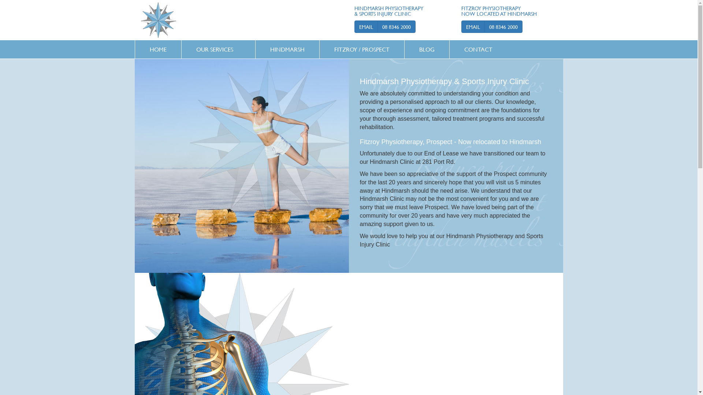 The image size is (703, 395). I want to click on 'FITZROY PHYSIOTHERAPY, so click(499, 11).